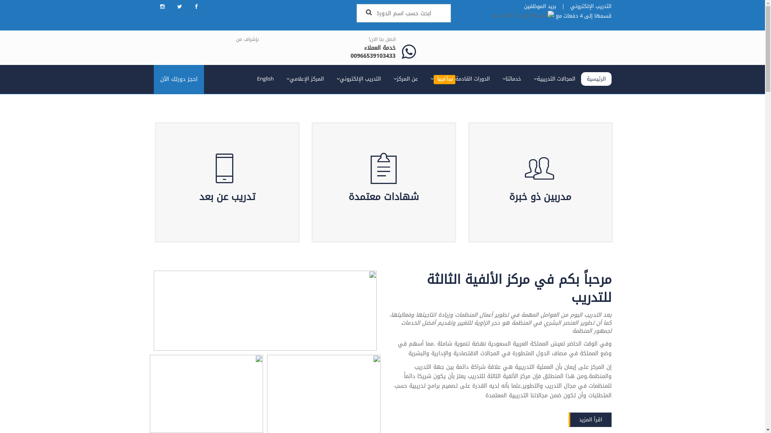  What do you see at coordinates (265, 79) in the screenshot?
I see `'English'` at bounding box center [265, 79].